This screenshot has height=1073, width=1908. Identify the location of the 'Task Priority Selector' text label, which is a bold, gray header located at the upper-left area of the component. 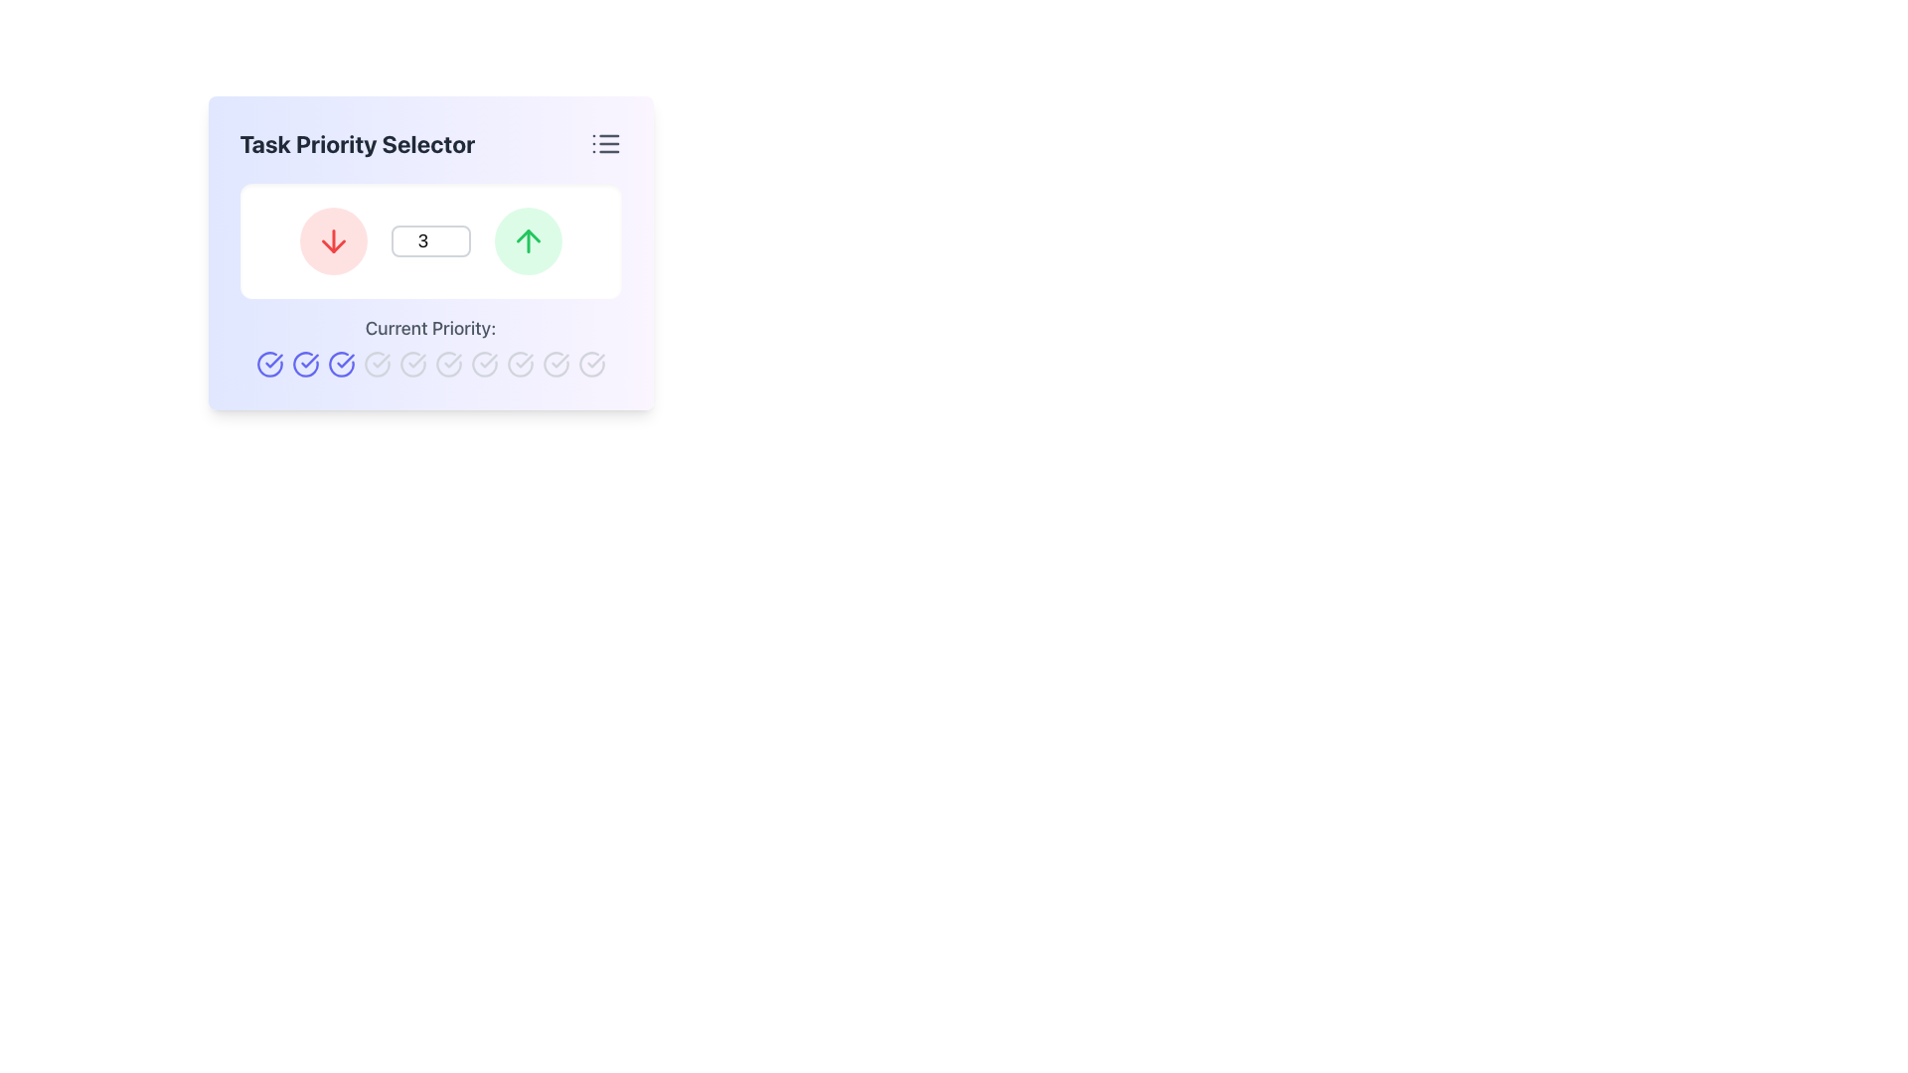
(358, 143).